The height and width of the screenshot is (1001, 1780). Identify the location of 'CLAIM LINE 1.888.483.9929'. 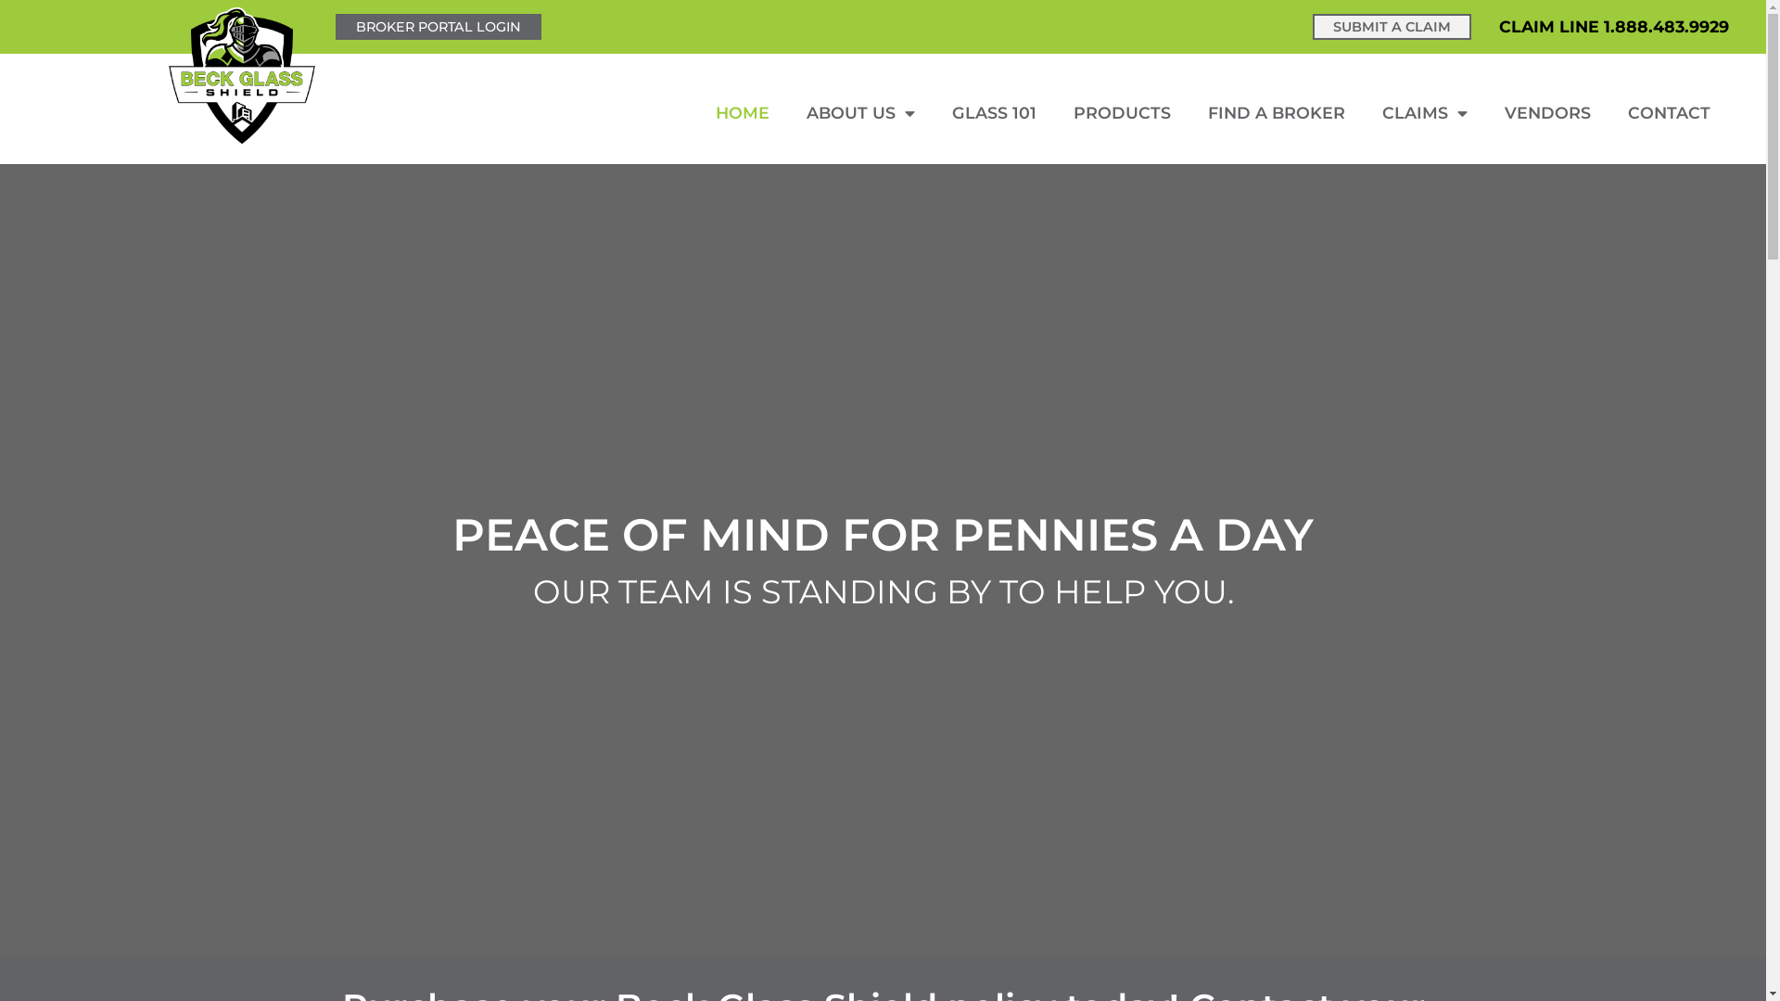
(1499, 26).